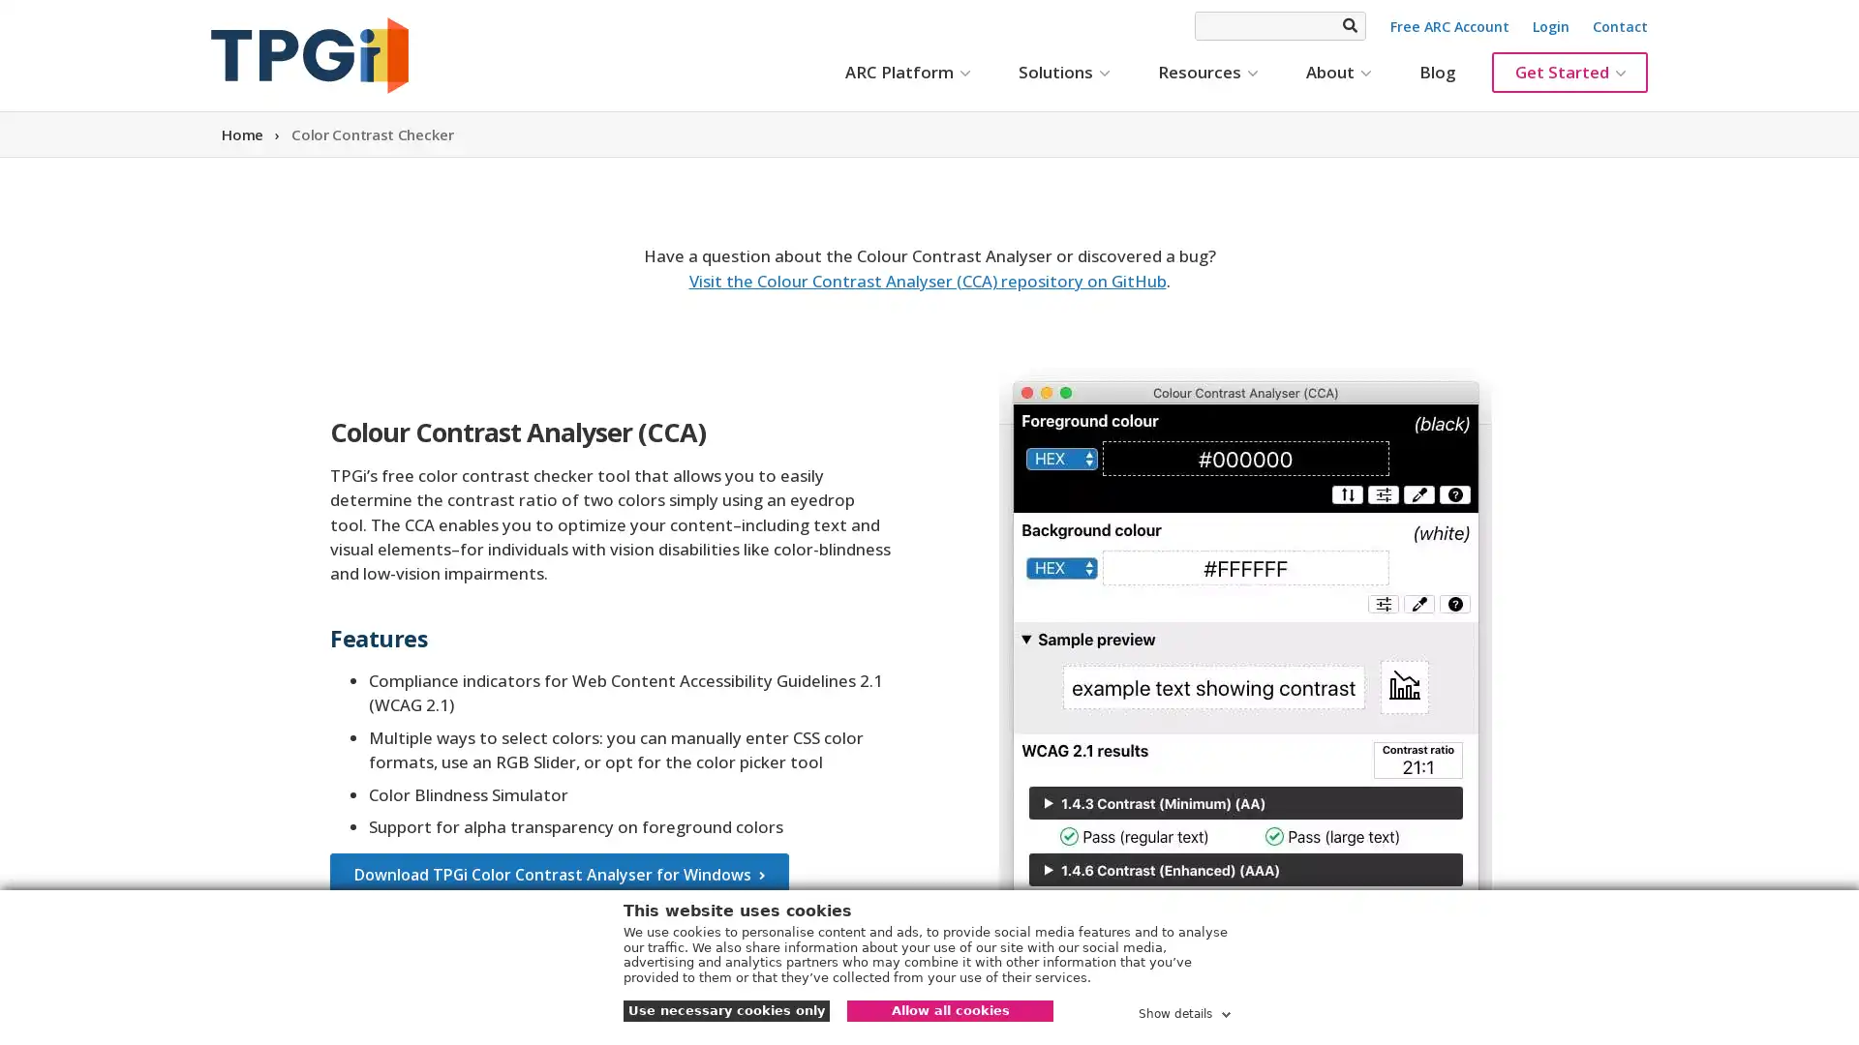 Image resolution: width=1859 pixels, height=1045 pixels. What do you see at coordinates (1348, 25) in the screenshot?
I see `Submit Search` at bounding box center [1348, 25].